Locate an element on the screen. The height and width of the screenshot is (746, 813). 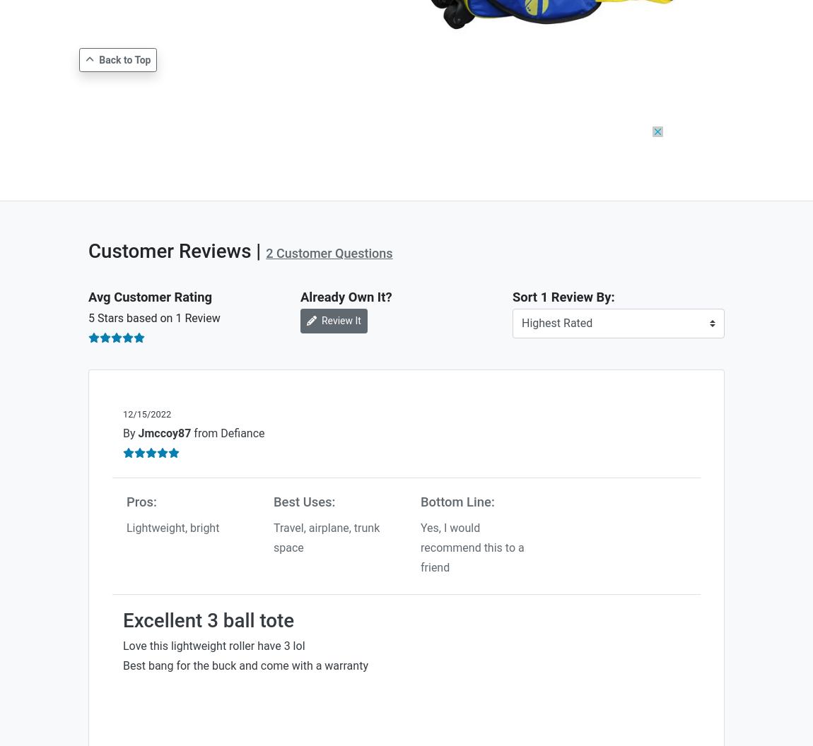
'12/15/2022' is located at coordinates (146, 414).